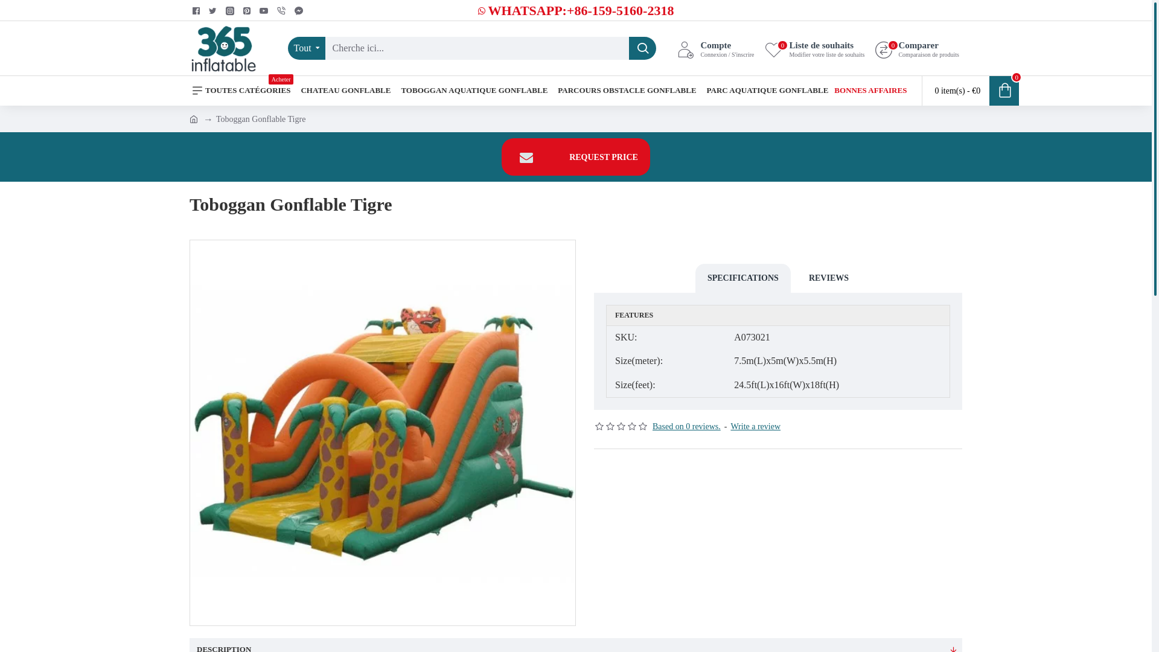 The height and width of the screenshot is (652, 1159). What do you see at coordinates (761, 47) in the screenshot?
I see `'Liste de souhaits` at bounding box center [761, 47].